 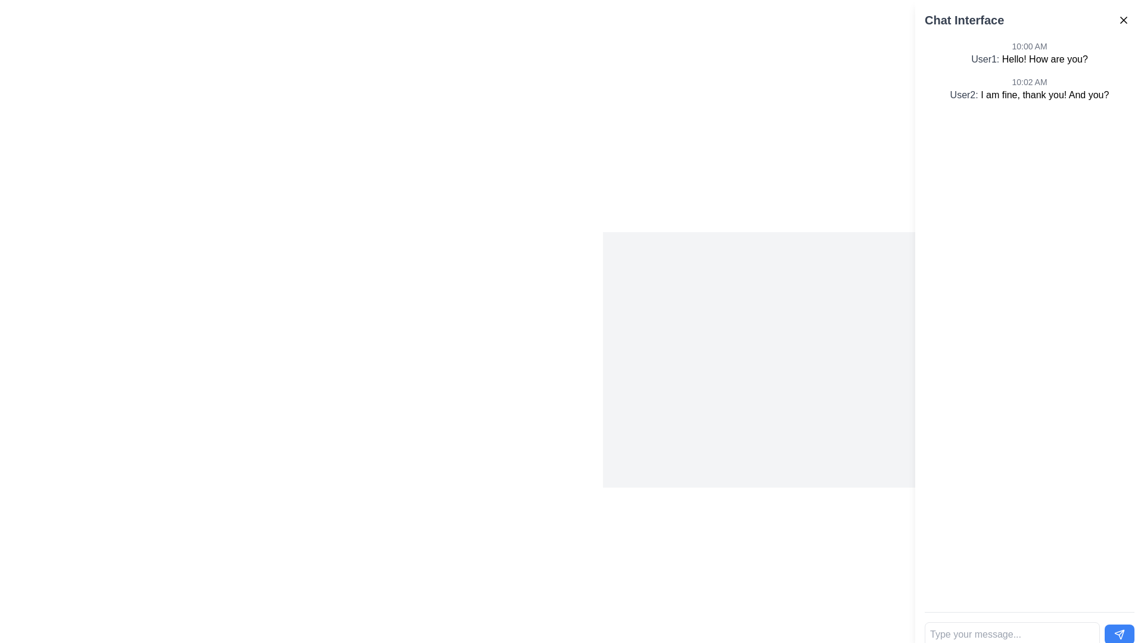 What do you see at coordinates (1029, 94) in the screenshot?
I see `the Text component displaying the user's chat message, which is positioned to the right and below the timestamp '10:02 AM' in the chat interface` at bounding box center [1029, 94].